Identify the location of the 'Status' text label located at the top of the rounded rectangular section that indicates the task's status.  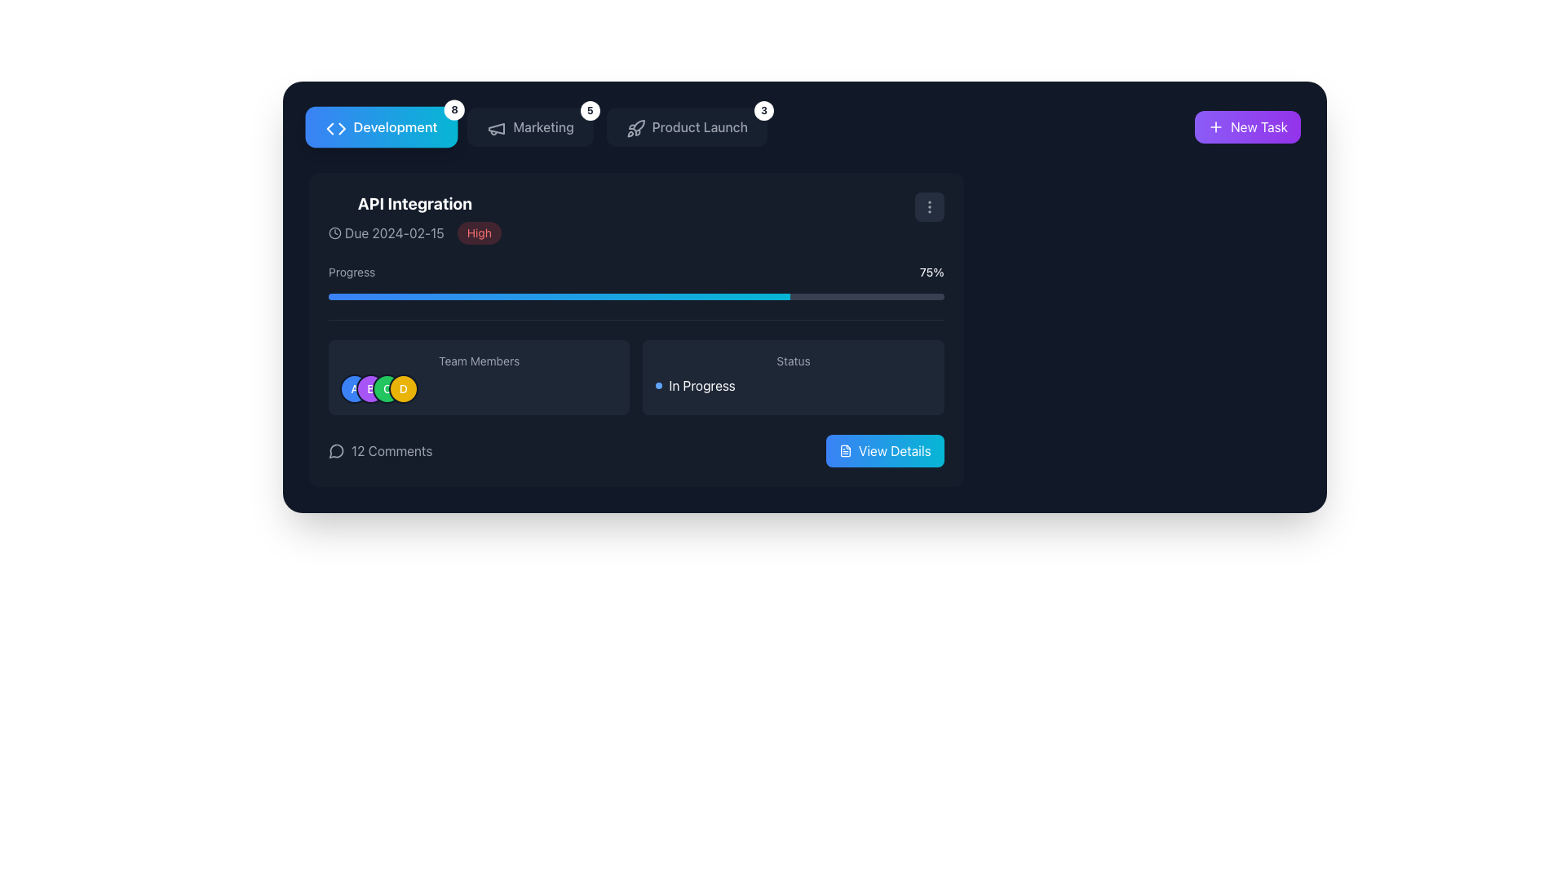
(794, 361).